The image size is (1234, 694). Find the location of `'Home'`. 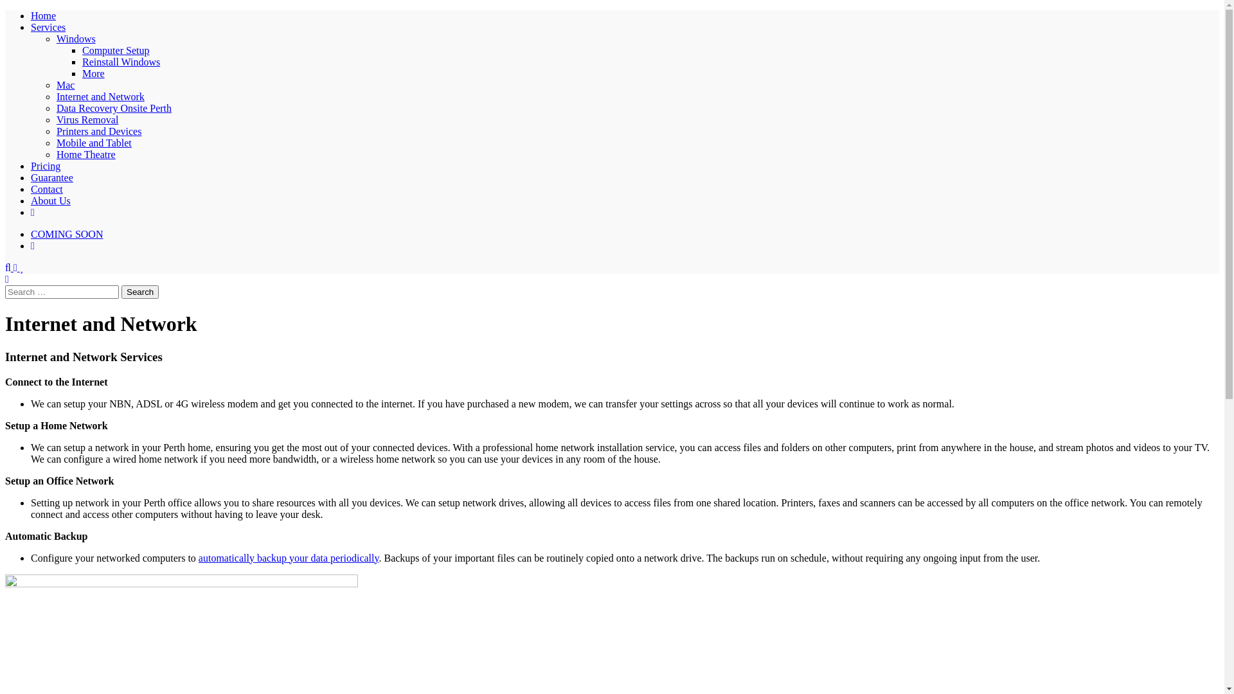

'Home' is located at coordinates (43, 15).